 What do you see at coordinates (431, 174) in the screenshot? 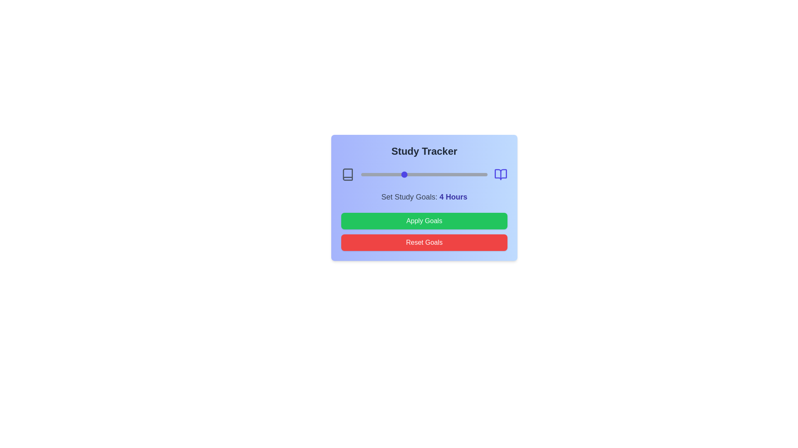
I see `the study hours slider to 6 hours` at bounding box center [431, 174].